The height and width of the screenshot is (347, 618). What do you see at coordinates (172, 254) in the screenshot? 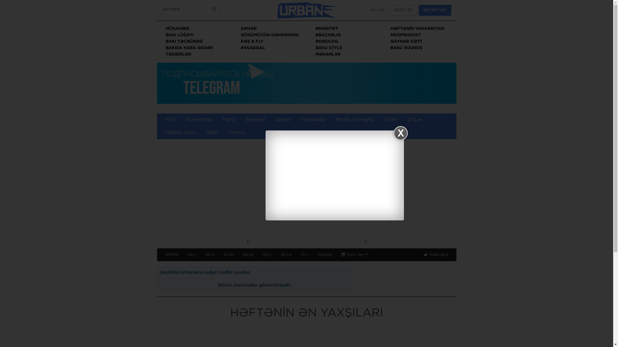
I see `'HAMISI'` at bounding box center [172, 254].